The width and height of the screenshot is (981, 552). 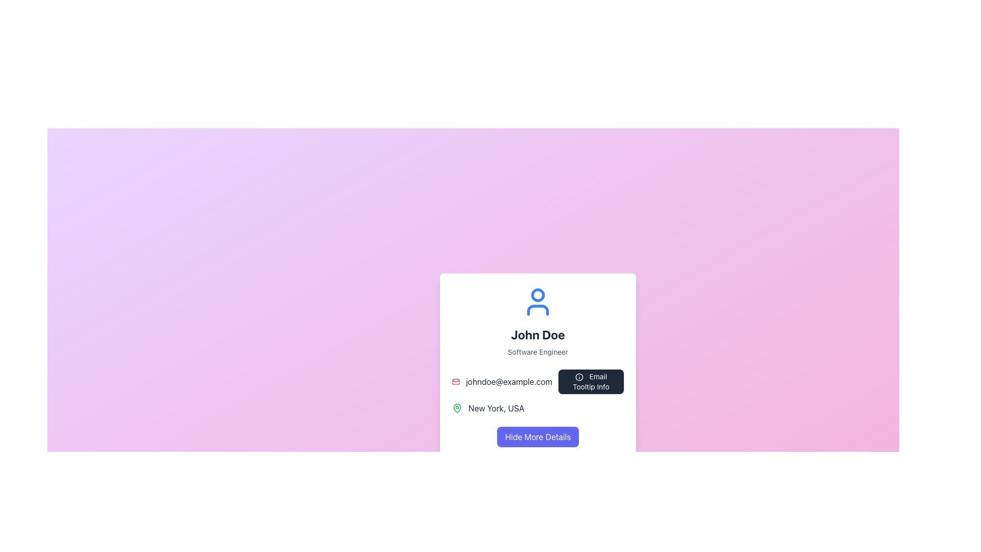 What do you see at coordinates (591, 382) in the screenshot?
I see `the button located to the right of the email address 'johndoe@example.com'` at bounding box center [591, 382].